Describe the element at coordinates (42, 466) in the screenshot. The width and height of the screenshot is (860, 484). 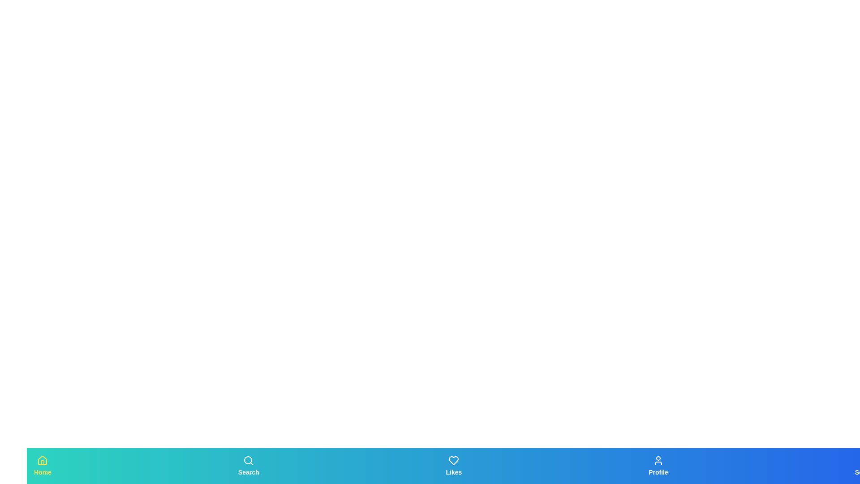
I see `the tab labeled Home to navigate to it` at that location.